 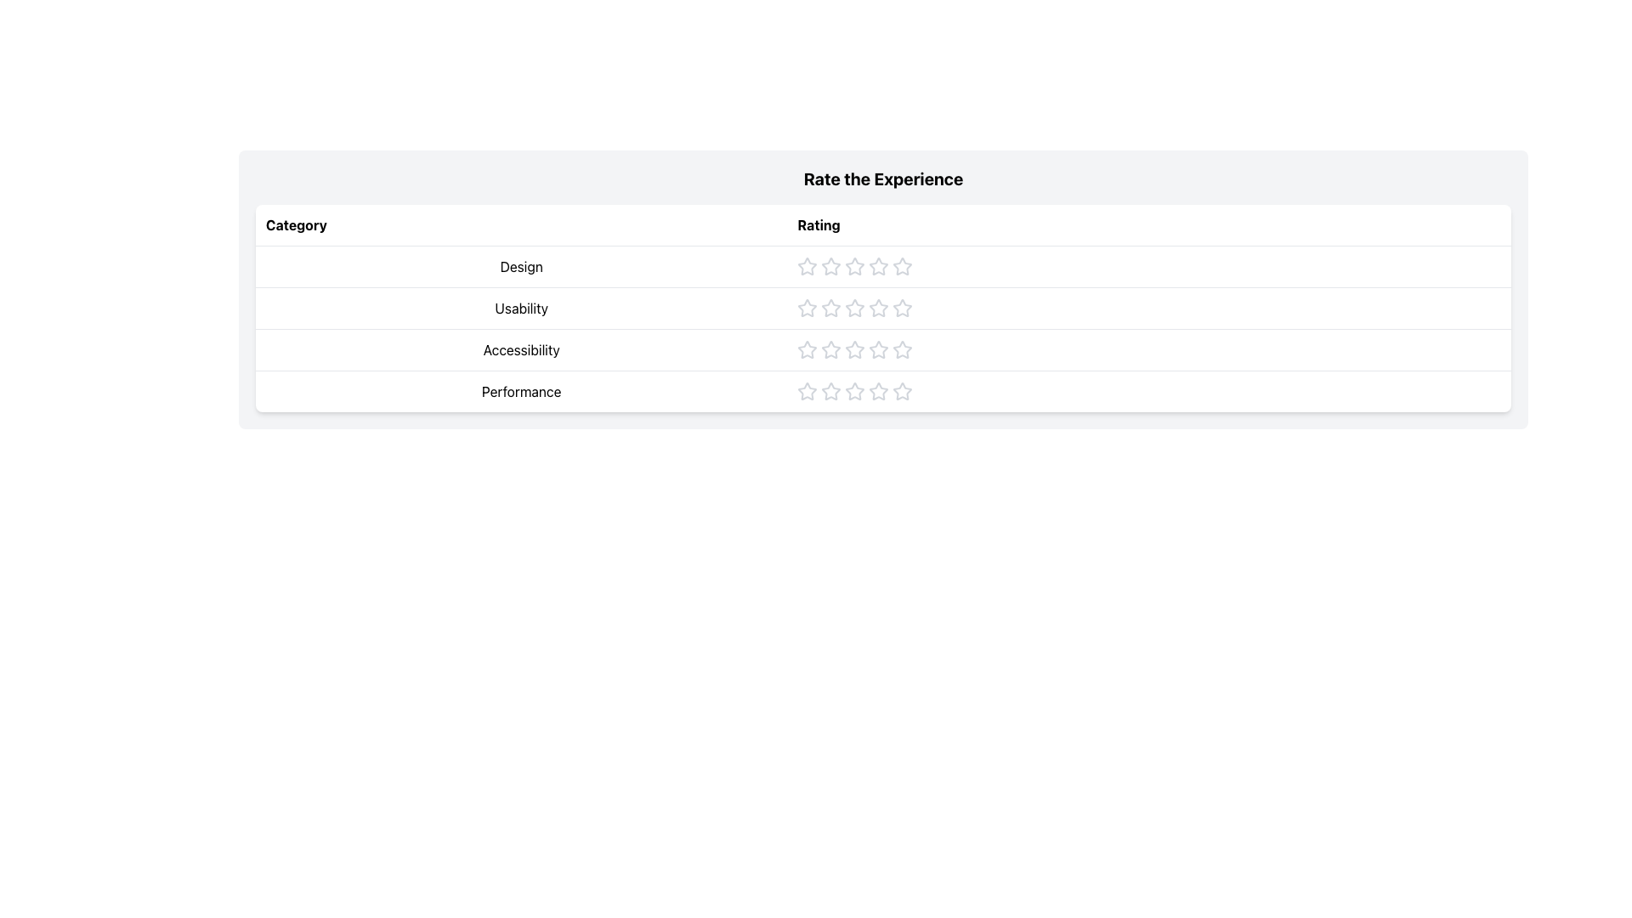 What do you see at coordinates (902, 349) in the screenshot?
I see `the fifth star in the 'Accessibility' row of the 'Rate the Experience' table` at bounding box center [902, 349].